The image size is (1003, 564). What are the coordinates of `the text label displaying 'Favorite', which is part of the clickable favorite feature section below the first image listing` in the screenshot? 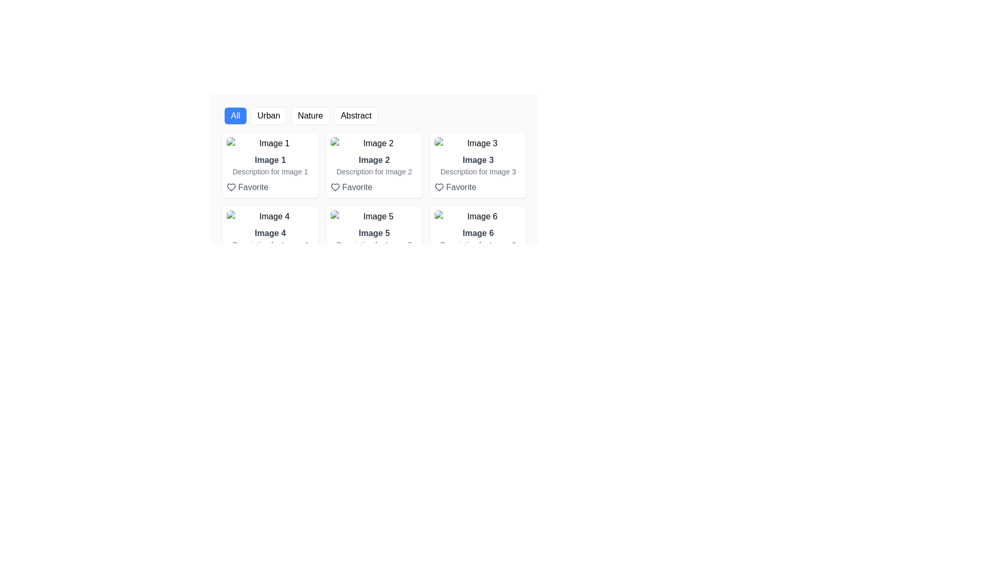 It's located at (253, 186).